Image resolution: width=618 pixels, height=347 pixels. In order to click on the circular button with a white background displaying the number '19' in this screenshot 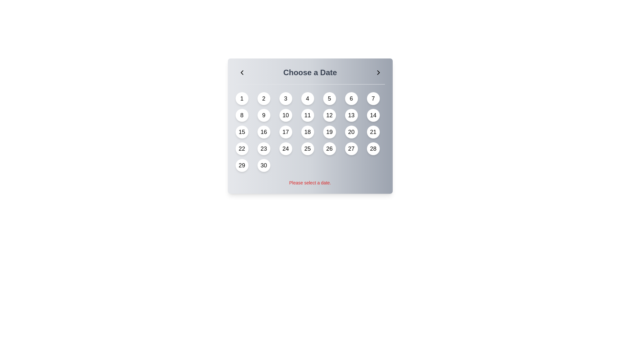, I will do `click(329, 132)`.